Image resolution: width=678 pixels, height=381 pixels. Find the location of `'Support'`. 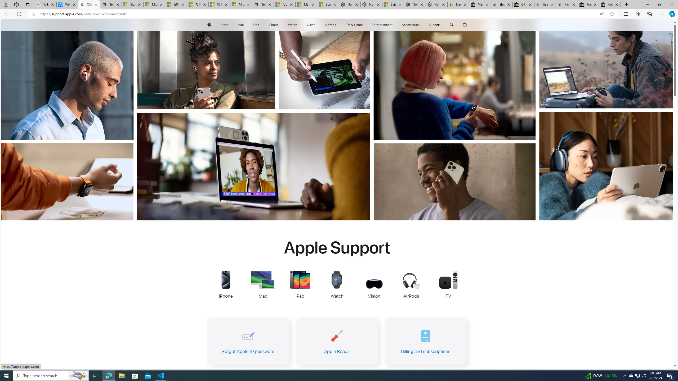

'Support' is located at coordinates (434, 25).